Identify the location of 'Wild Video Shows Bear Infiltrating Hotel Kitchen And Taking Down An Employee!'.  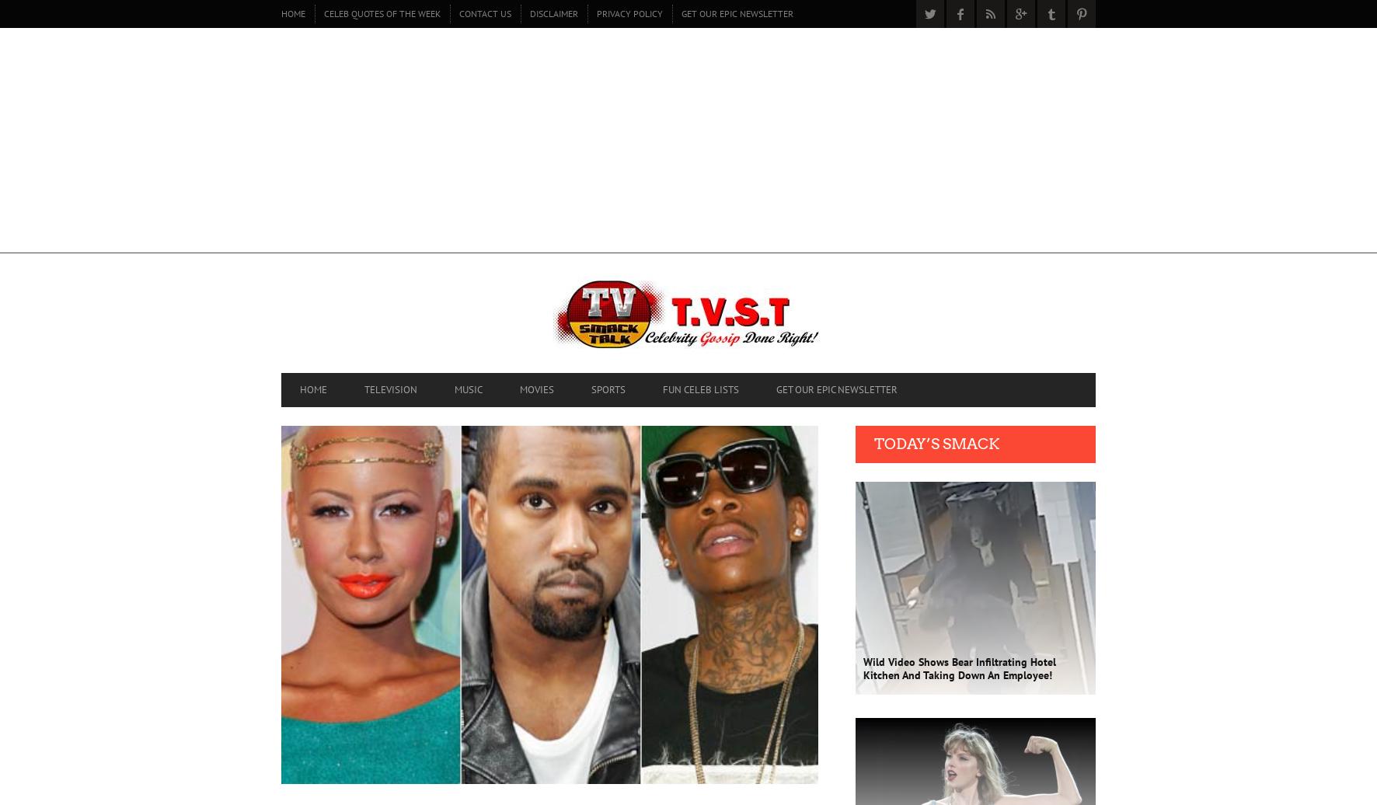
(959, 667).